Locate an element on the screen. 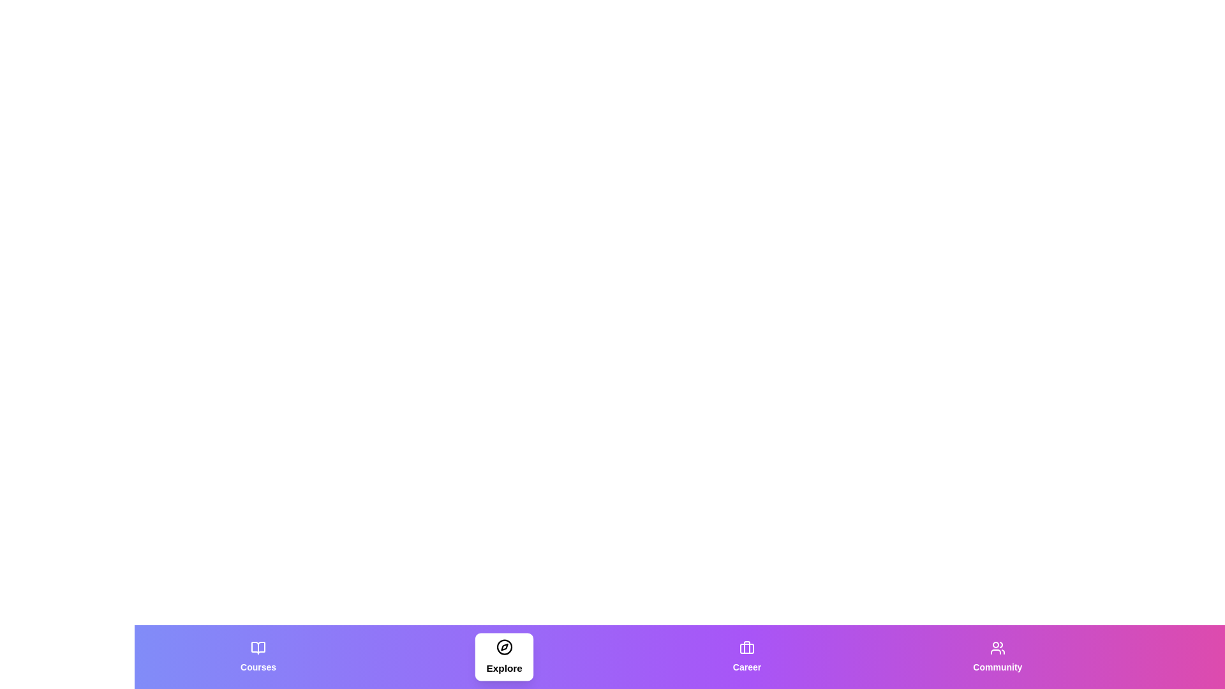 The width and height of the screenshot is (1225, 689). the tab labeled Career to observe its hover effect is located at coordinates (747, 656).